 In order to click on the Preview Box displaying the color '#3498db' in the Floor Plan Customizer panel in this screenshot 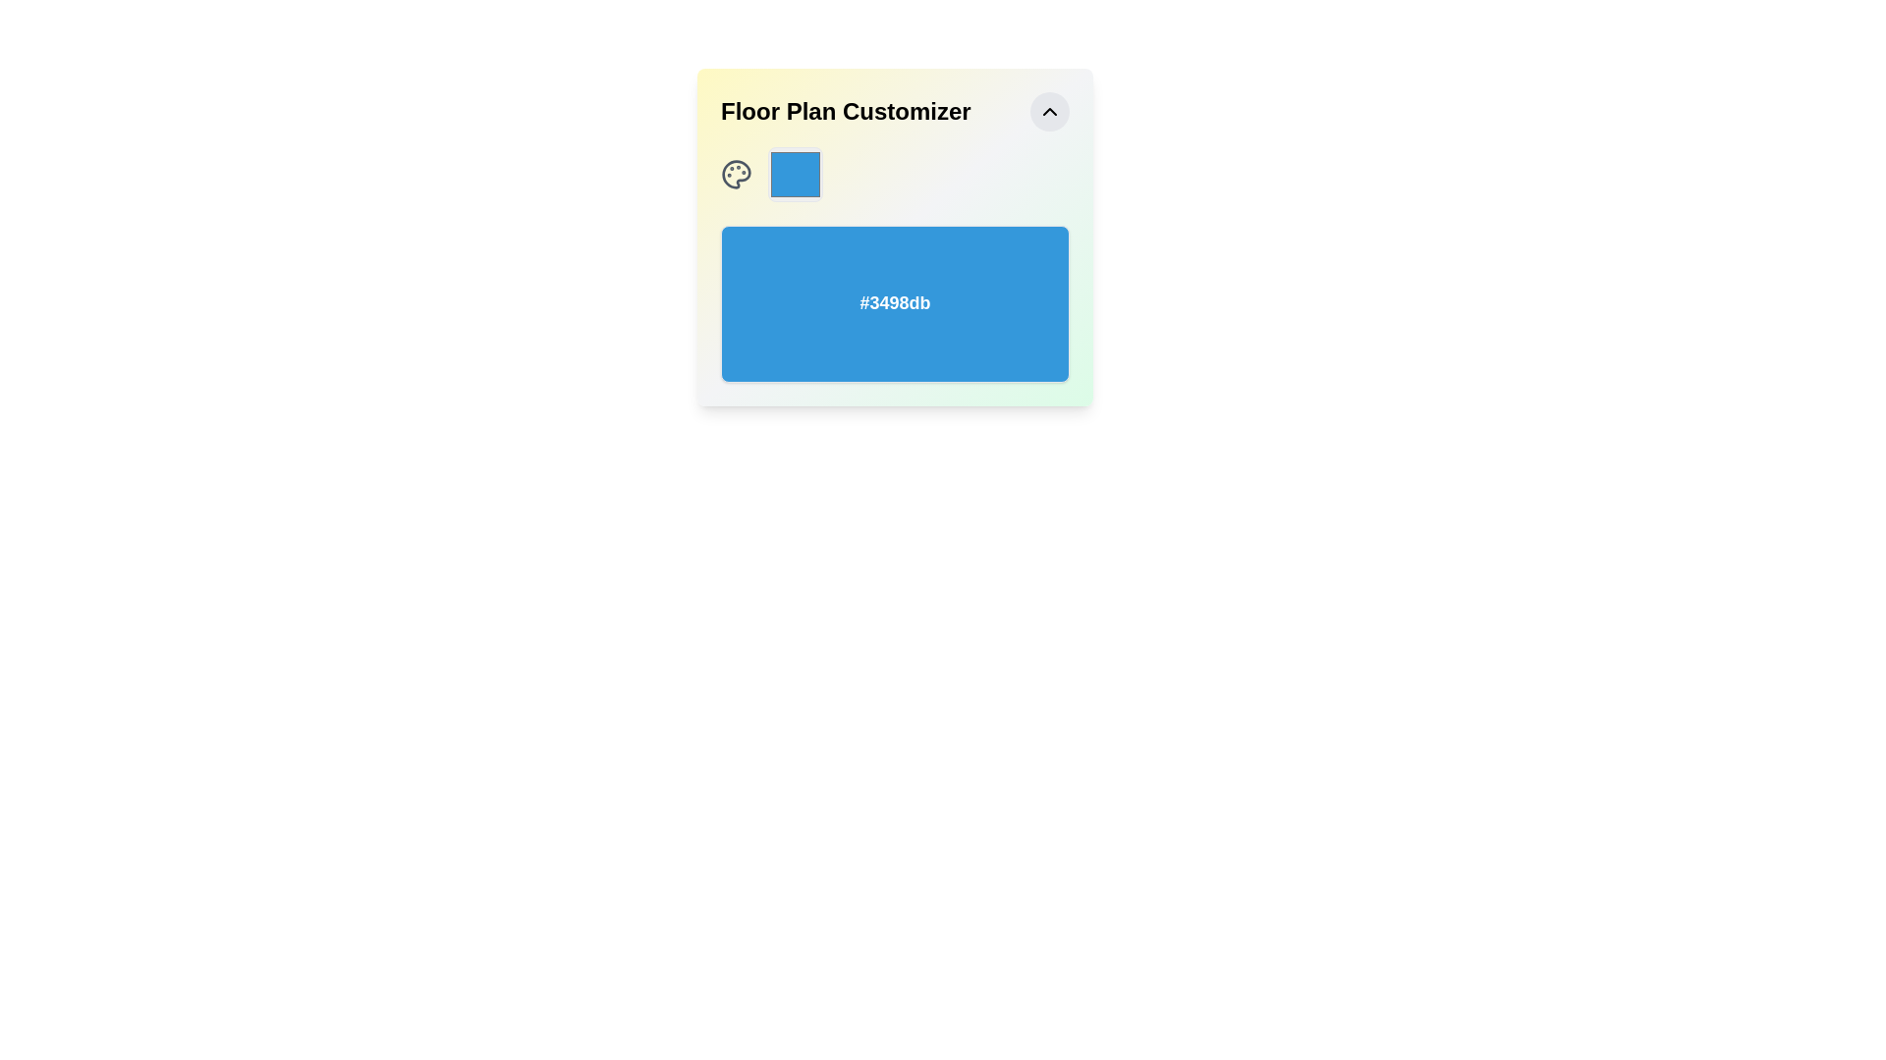, I will do `click(894, 303)`.